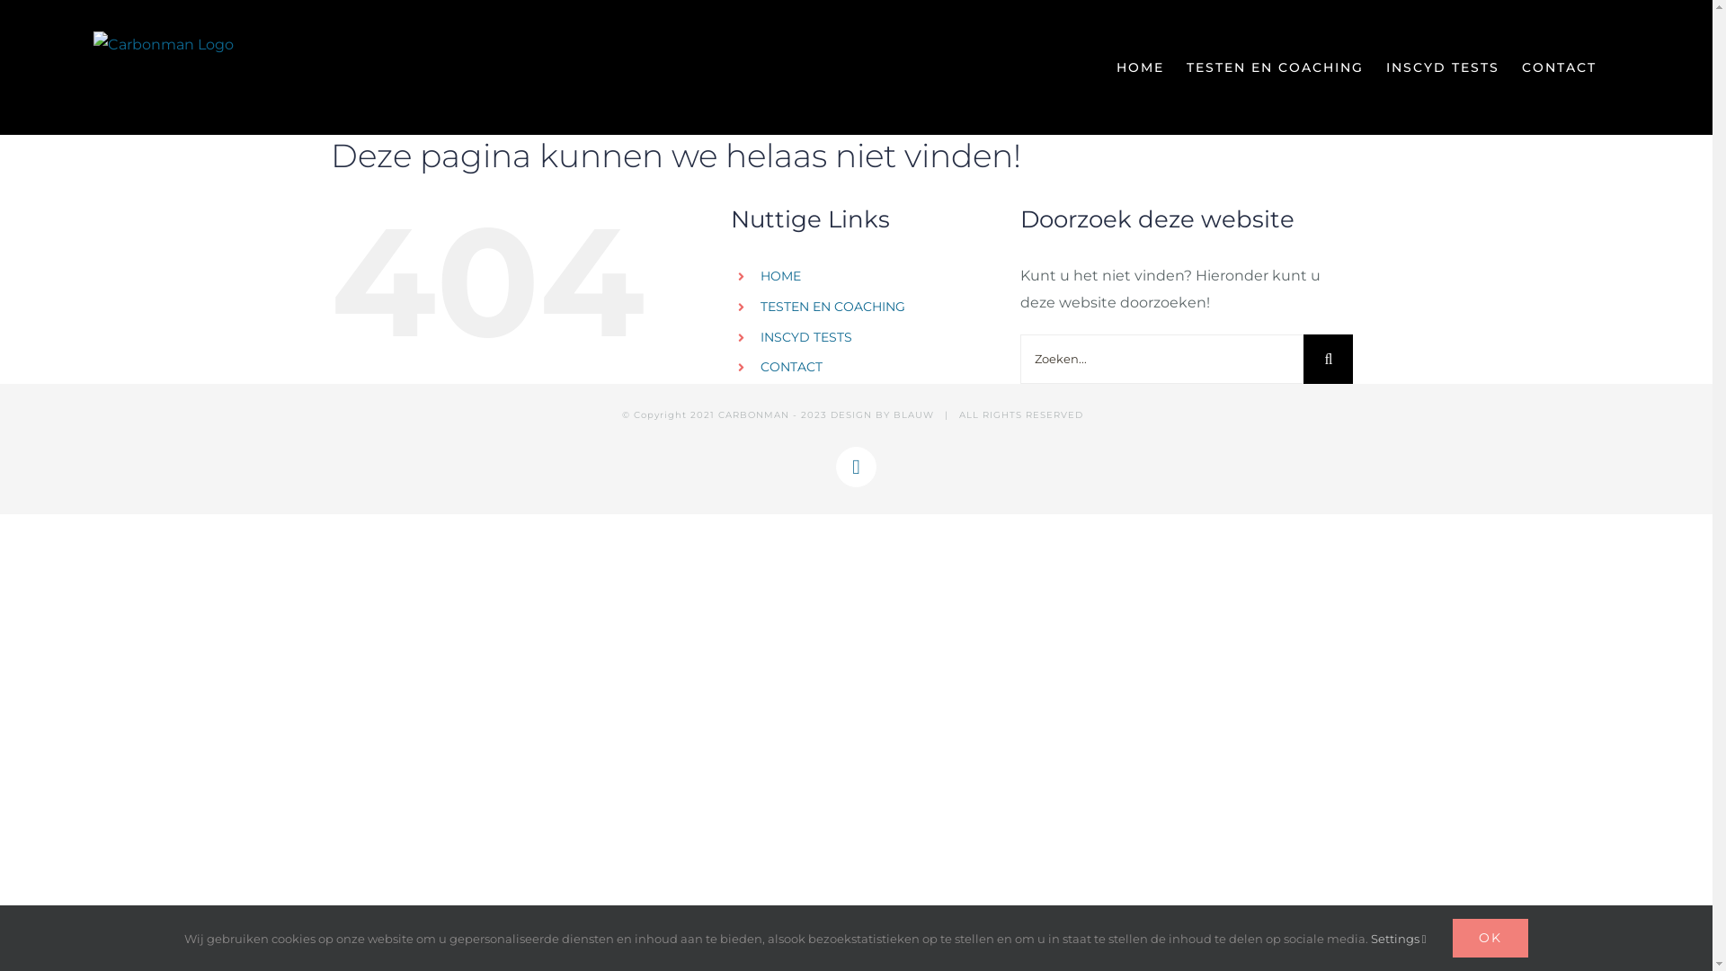  Describe the element at coordinates (832, 305) in the screenshot. I see `'TESTEN EN COACHING'` at that location.